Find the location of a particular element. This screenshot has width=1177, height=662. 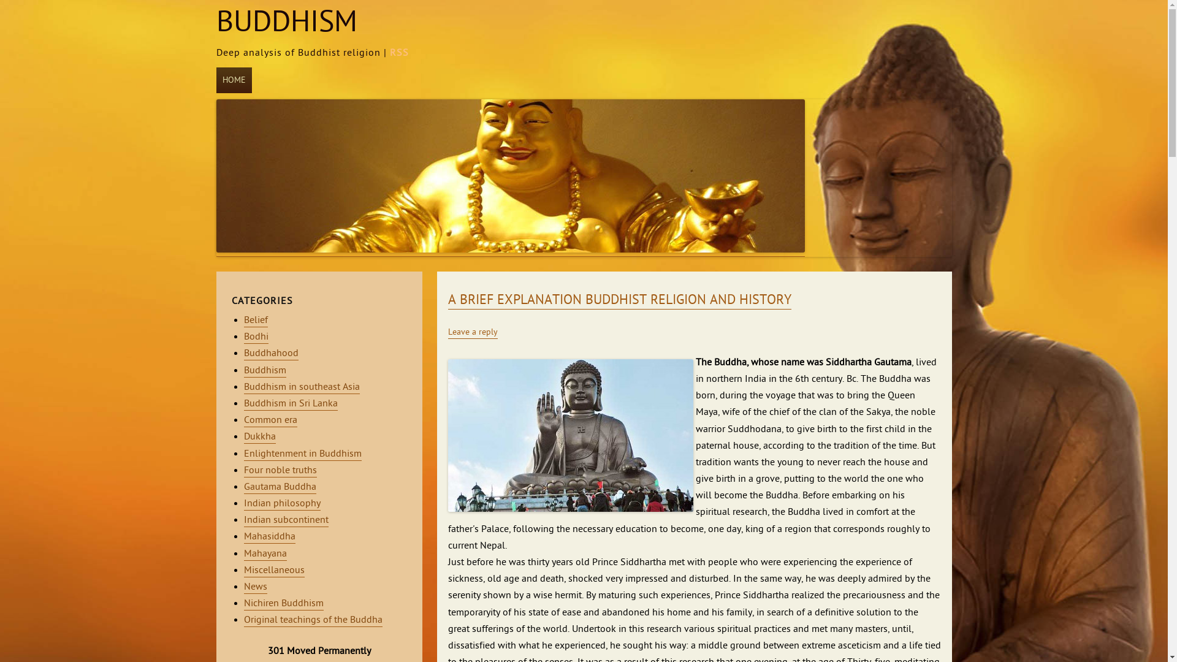

'Leave a reply' is located at coordinates (446, 333).